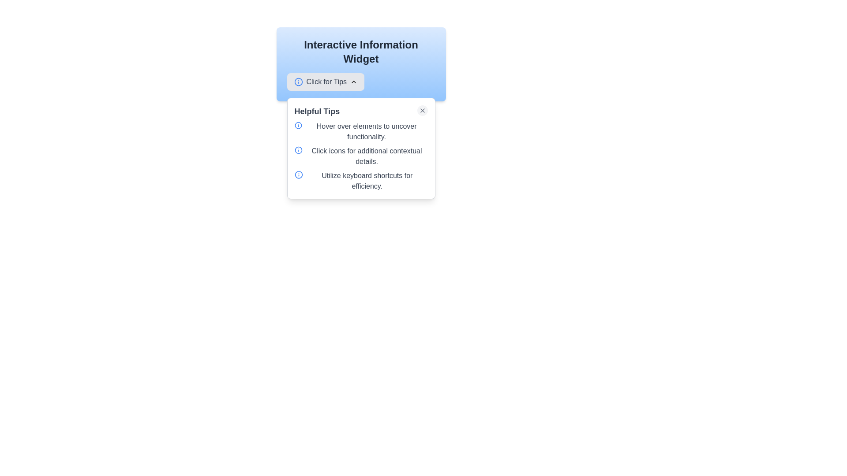 The image size is (847, 476). I want to click on the blue circular icon with an information symbol located to the left of the 'Click for Tips' button, so click(298, 82).